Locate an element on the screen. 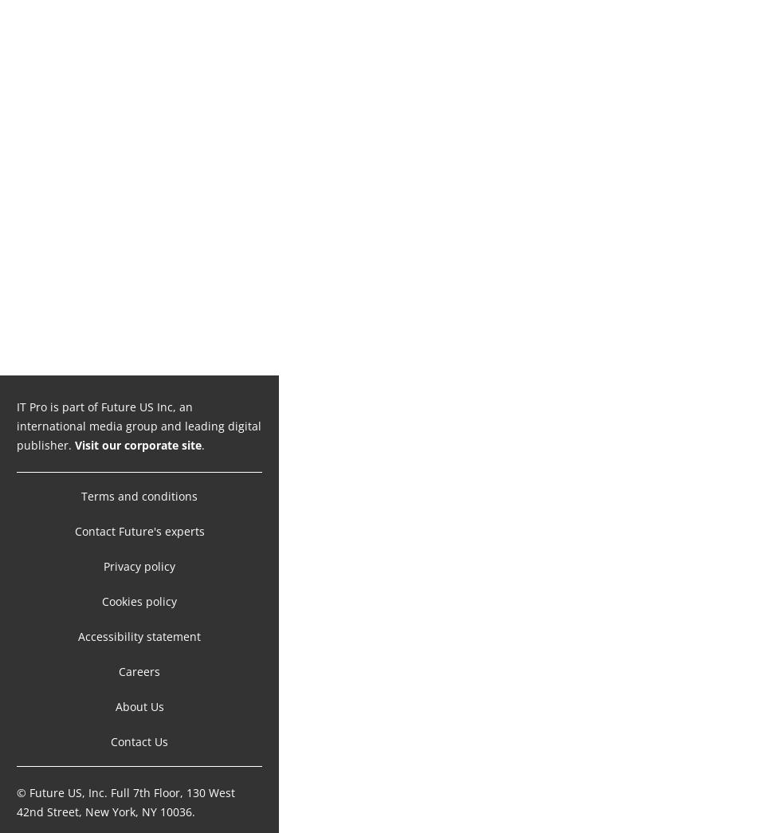 The image size is (781, 833). '.' is located at coordinates (202, 428).